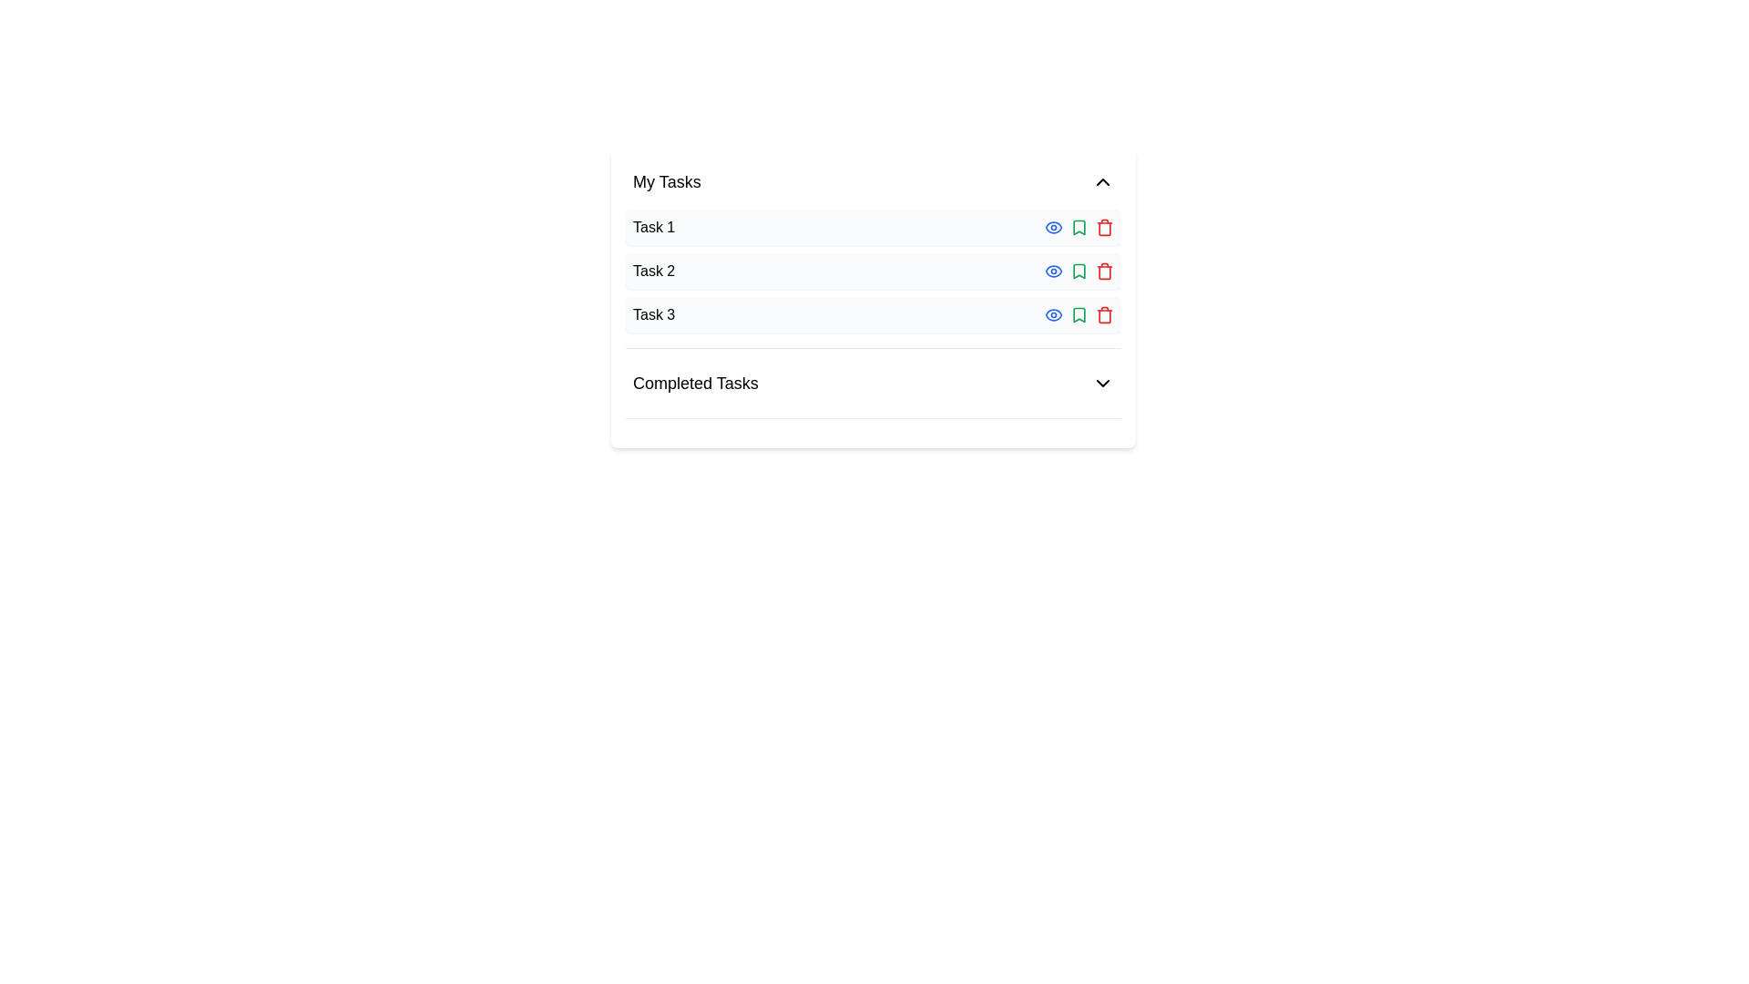 Image resolution: width=1749 pixels, height=984 pixels. Describe the element at coordinates (1104, 272) in the screenshot. I see `the trash can icon, which is the third icon in the sequence located on the right side of the second task item, indicating a delete function` at that location.